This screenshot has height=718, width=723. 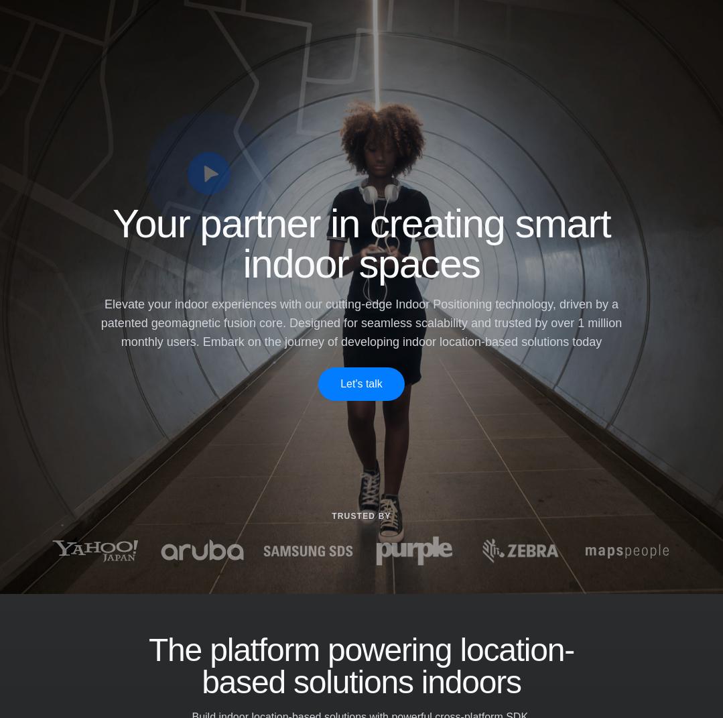 What do you see at coordinates (353, 638) in the screenshot?
I see `'Re-introducing IndoorAtlas Heatmap'` at bounding box center [353, 638].